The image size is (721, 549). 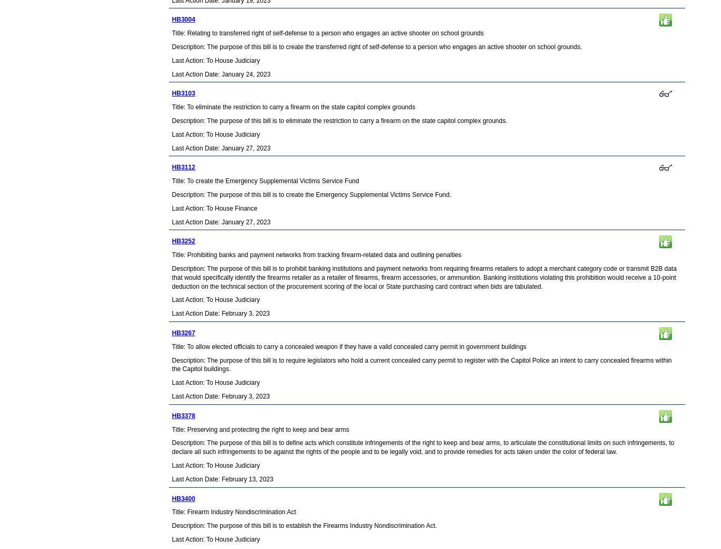 What do you see at coordinates (310, 194) in the screenshot?
I see `'Description: The purpose of this bill is to create the Emergency Supplemental Victims Service Fund.'` at bounding box center [310, 194].